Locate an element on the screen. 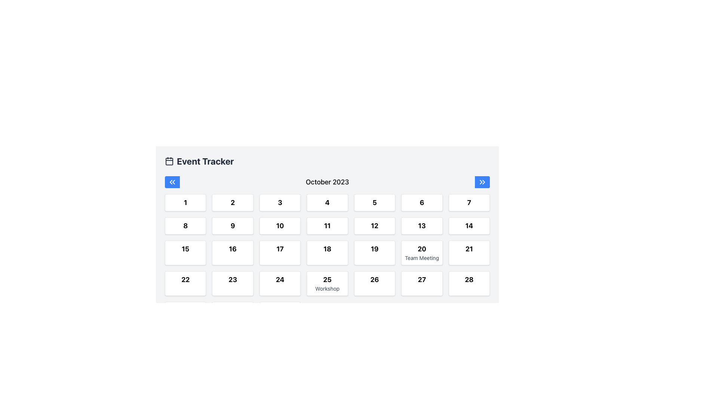  the calendar date selection button for the 11th day of the month located in the second row and fourth column of the calendar grid is located at coordinates (327, 226).